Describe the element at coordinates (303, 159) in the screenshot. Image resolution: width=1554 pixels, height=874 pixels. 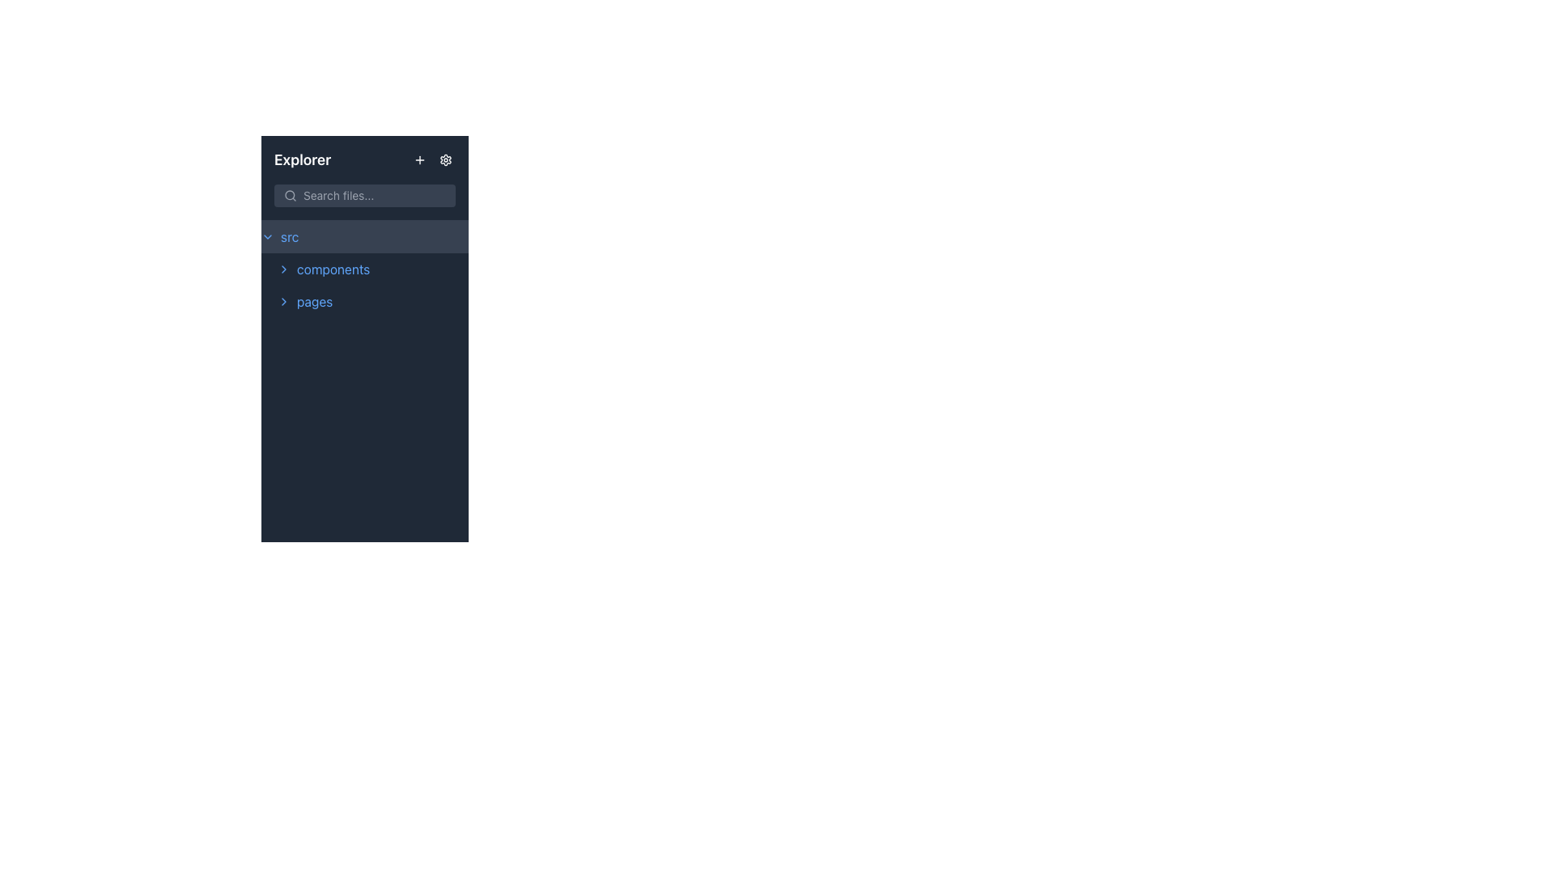
I see `the Text Label that serves as a title or header for the section, located near the top-left corner of the interface` at that location.